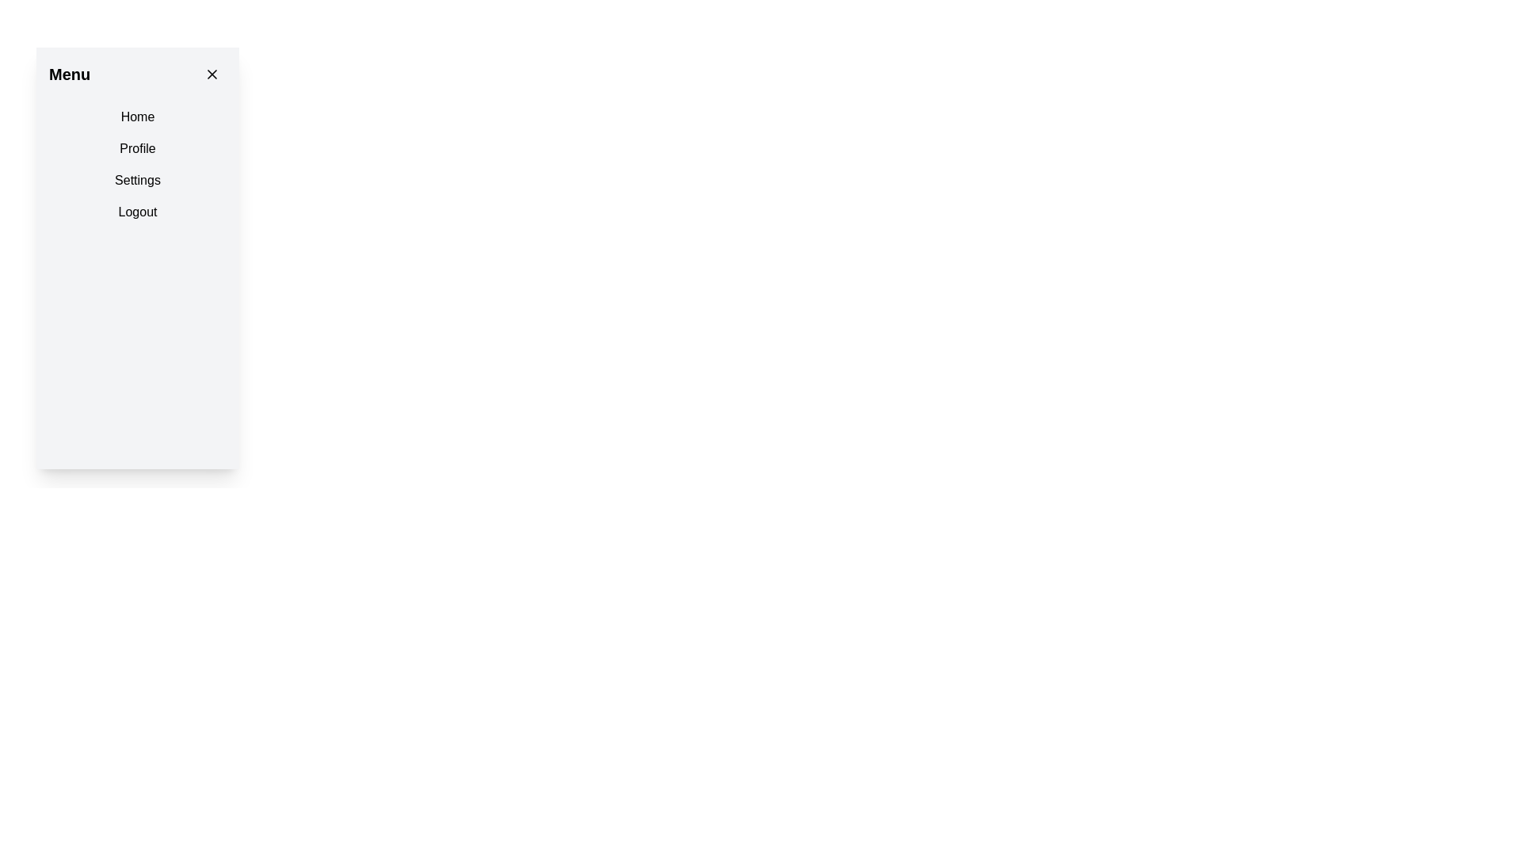 The image size is (1521, 856). I want to click on the close button located at the top-right corner of the menu panel, adjacent to the 'Menu' title, to change its background color, so click(212, 74).